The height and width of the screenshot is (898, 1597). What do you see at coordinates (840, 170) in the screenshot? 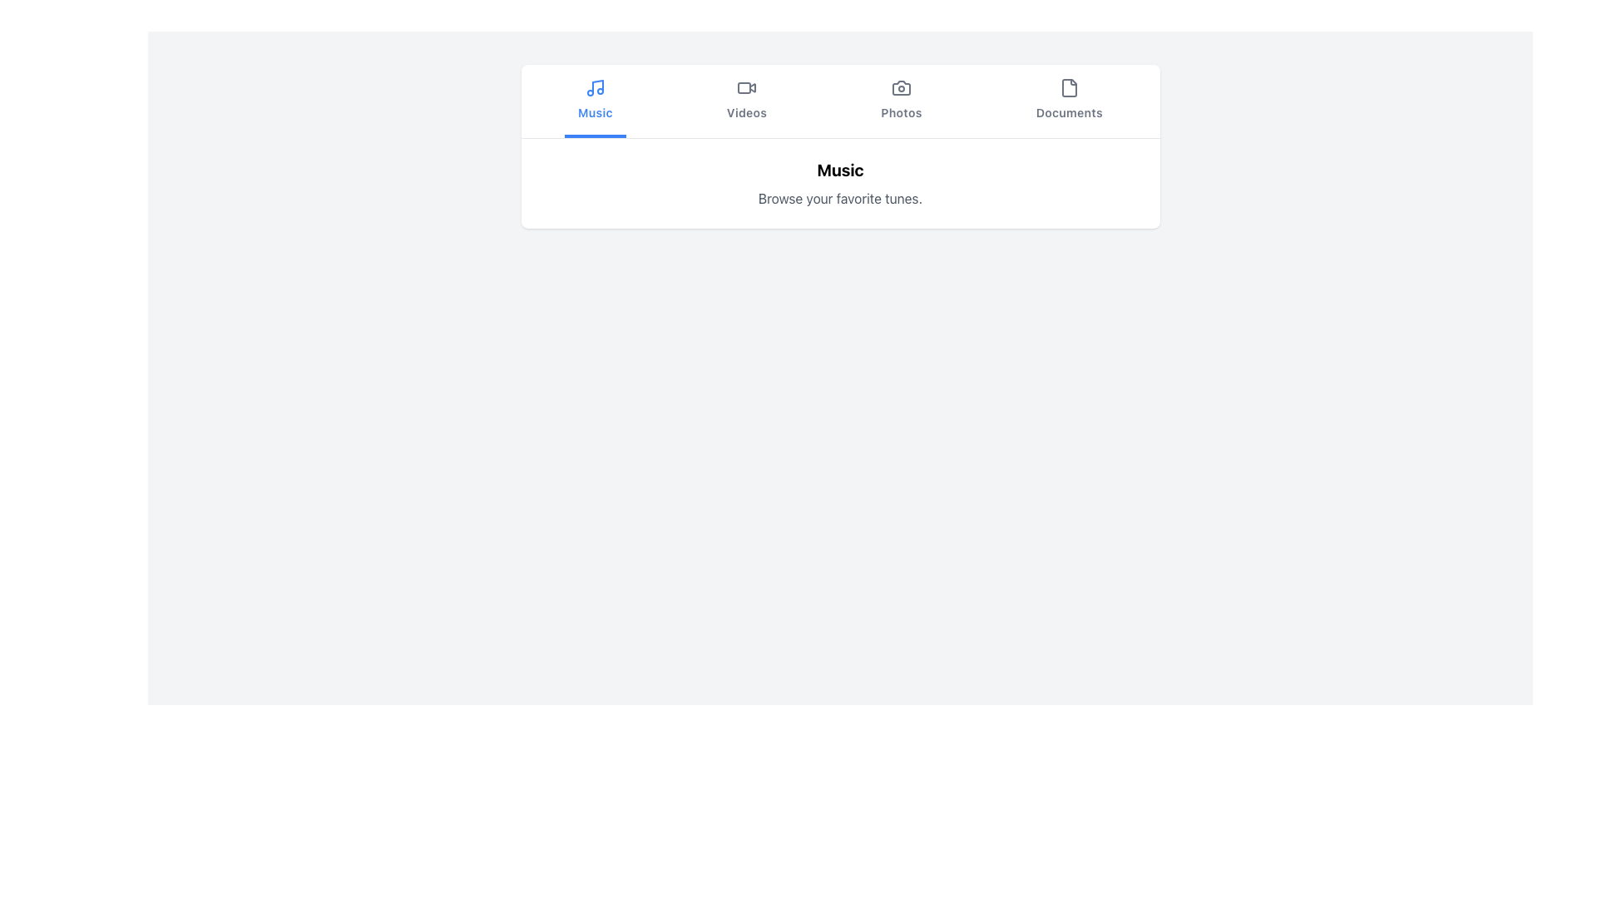
I see `the bold 'Music' text label located at the top center of the interface, which serves as the header above the text 'Browse your favorite tunes.'` at bounding box center [840, 170].